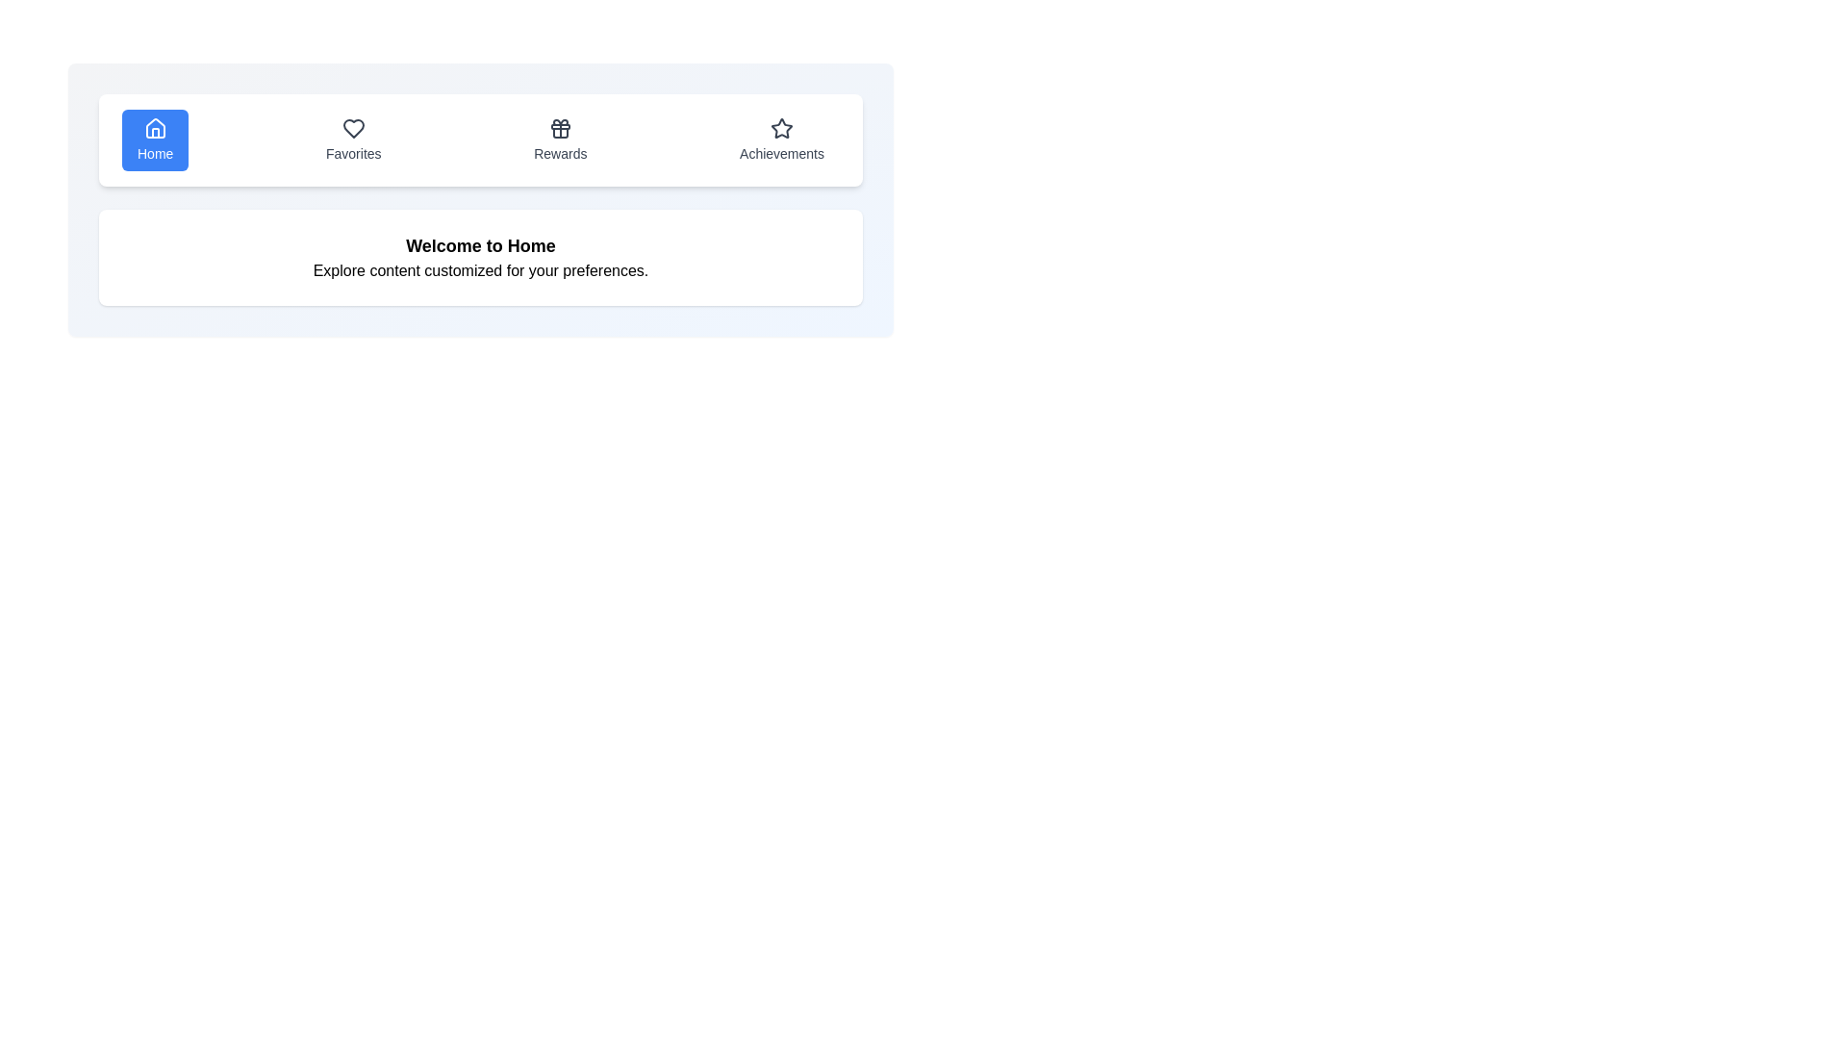 The image size is (1847, 1039). I want to click on the 'Home' icon in the navigation bar, which is the left-most icon indicating the active section of the interface, so click(155, 128).